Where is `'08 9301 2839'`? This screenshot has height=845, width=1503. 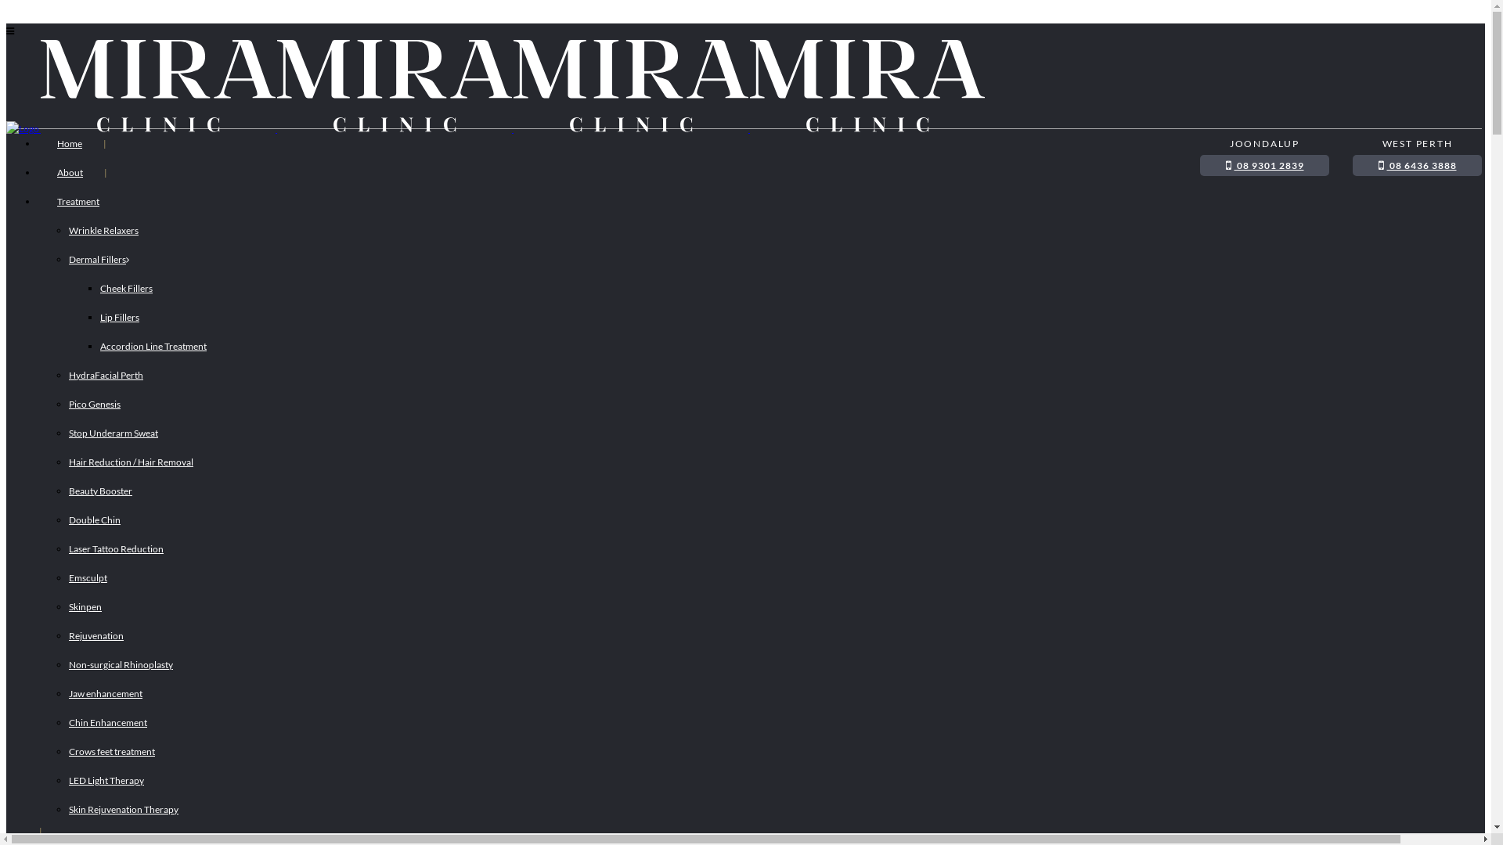 '08 9301 2839' is located at coordinates (1264, 165).